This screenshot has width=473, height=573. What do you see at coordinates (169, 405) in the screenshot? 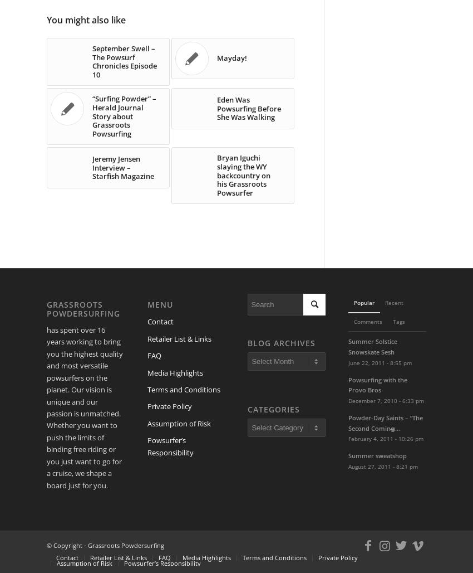
I see `'Private Policy'` at bounding box center [169, 405].